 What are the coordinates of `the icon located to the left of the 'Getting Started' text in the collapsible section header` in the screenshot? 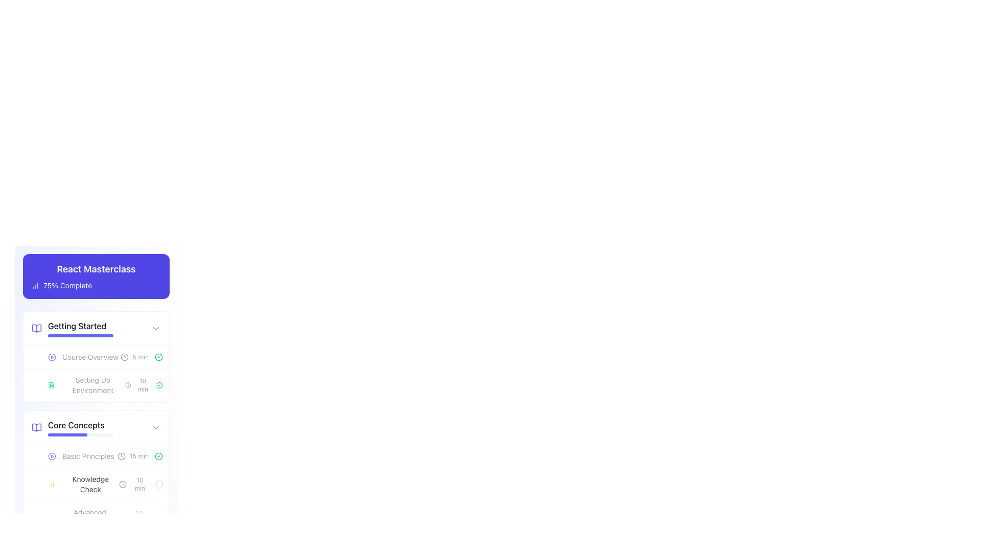 It's located at (37, 329).